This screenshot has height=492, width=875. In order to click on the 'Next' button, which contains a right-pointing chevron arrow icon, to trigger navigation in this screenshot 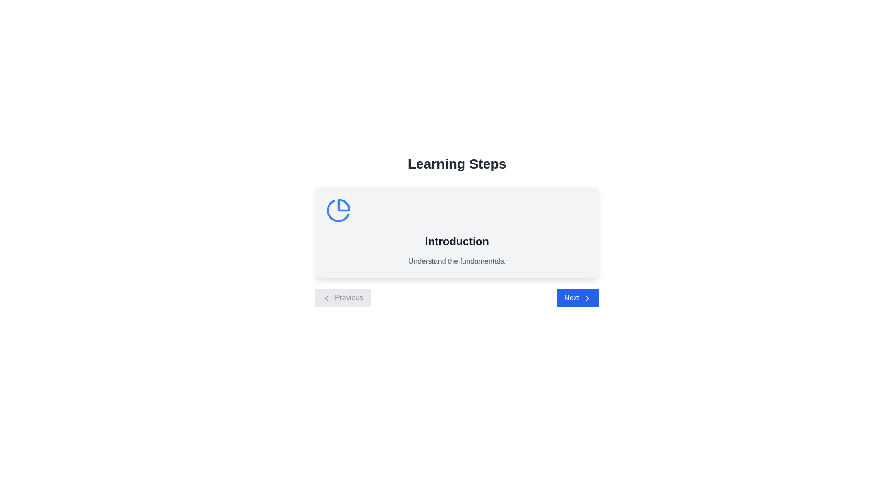, I will do `click(587, 298)`.